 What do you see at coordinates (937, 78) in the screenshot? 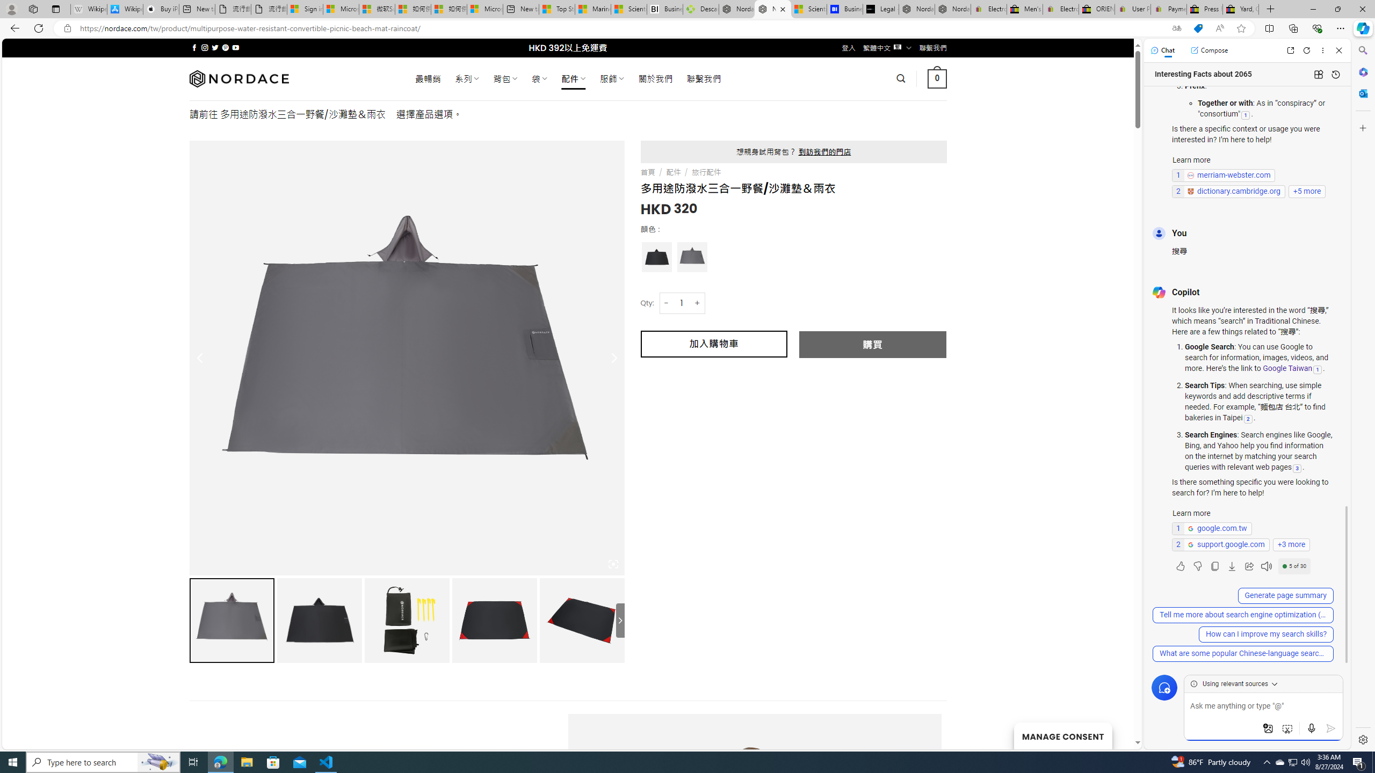
I see `' 0 '` at bounding box center [937, 78].